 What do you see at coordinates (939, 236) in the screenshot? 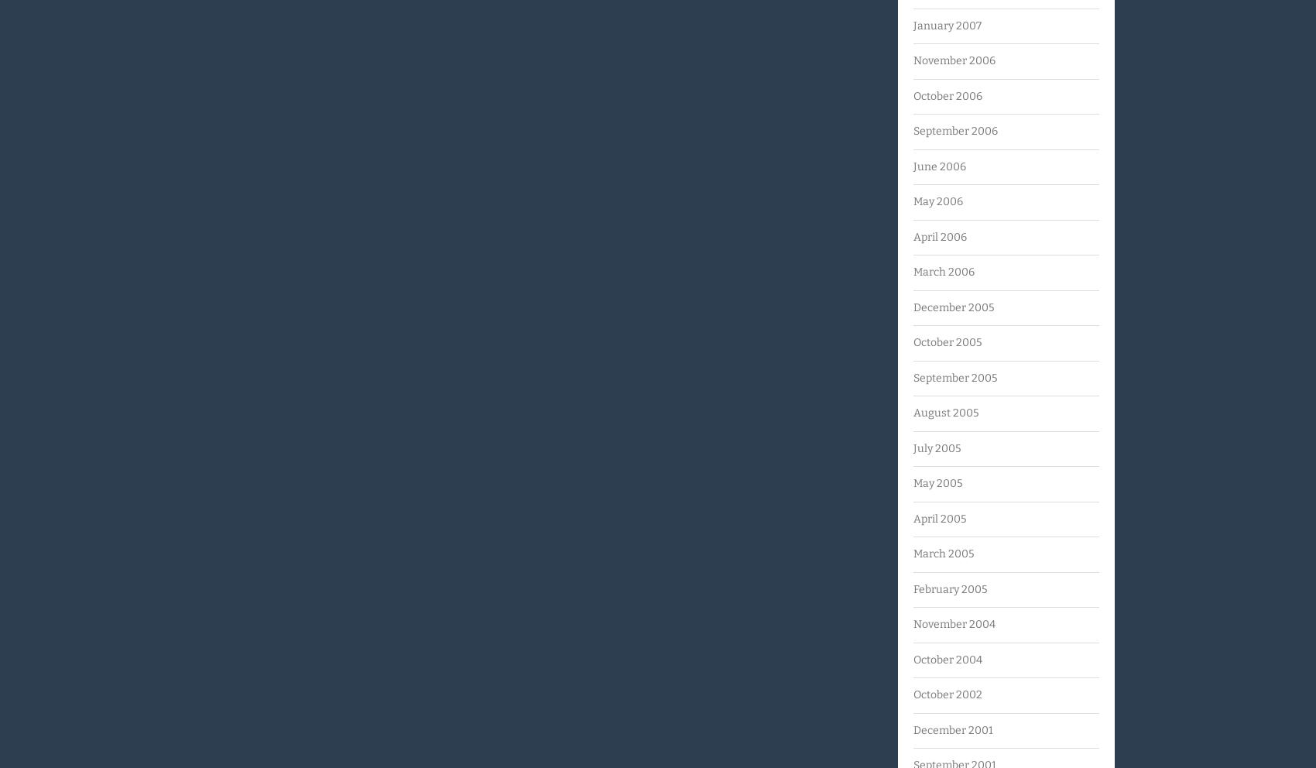
I see `'April 2006'` at bounding box center [939, 236].